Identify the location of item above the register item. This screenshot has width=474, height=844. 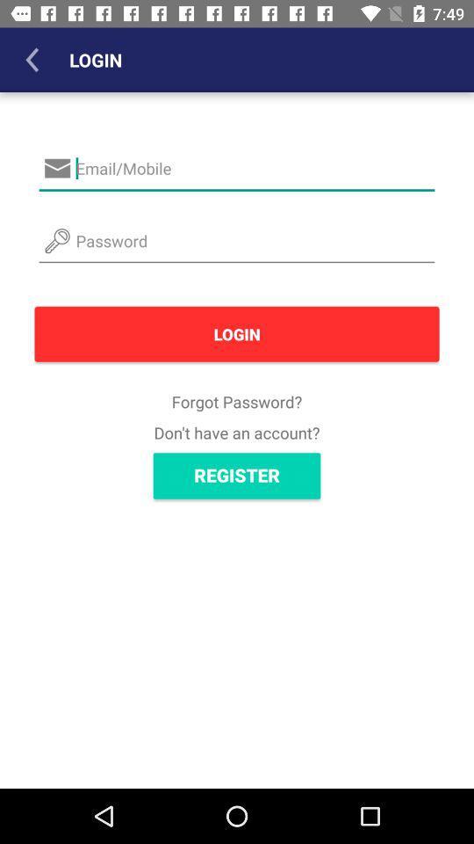
(237, 432).